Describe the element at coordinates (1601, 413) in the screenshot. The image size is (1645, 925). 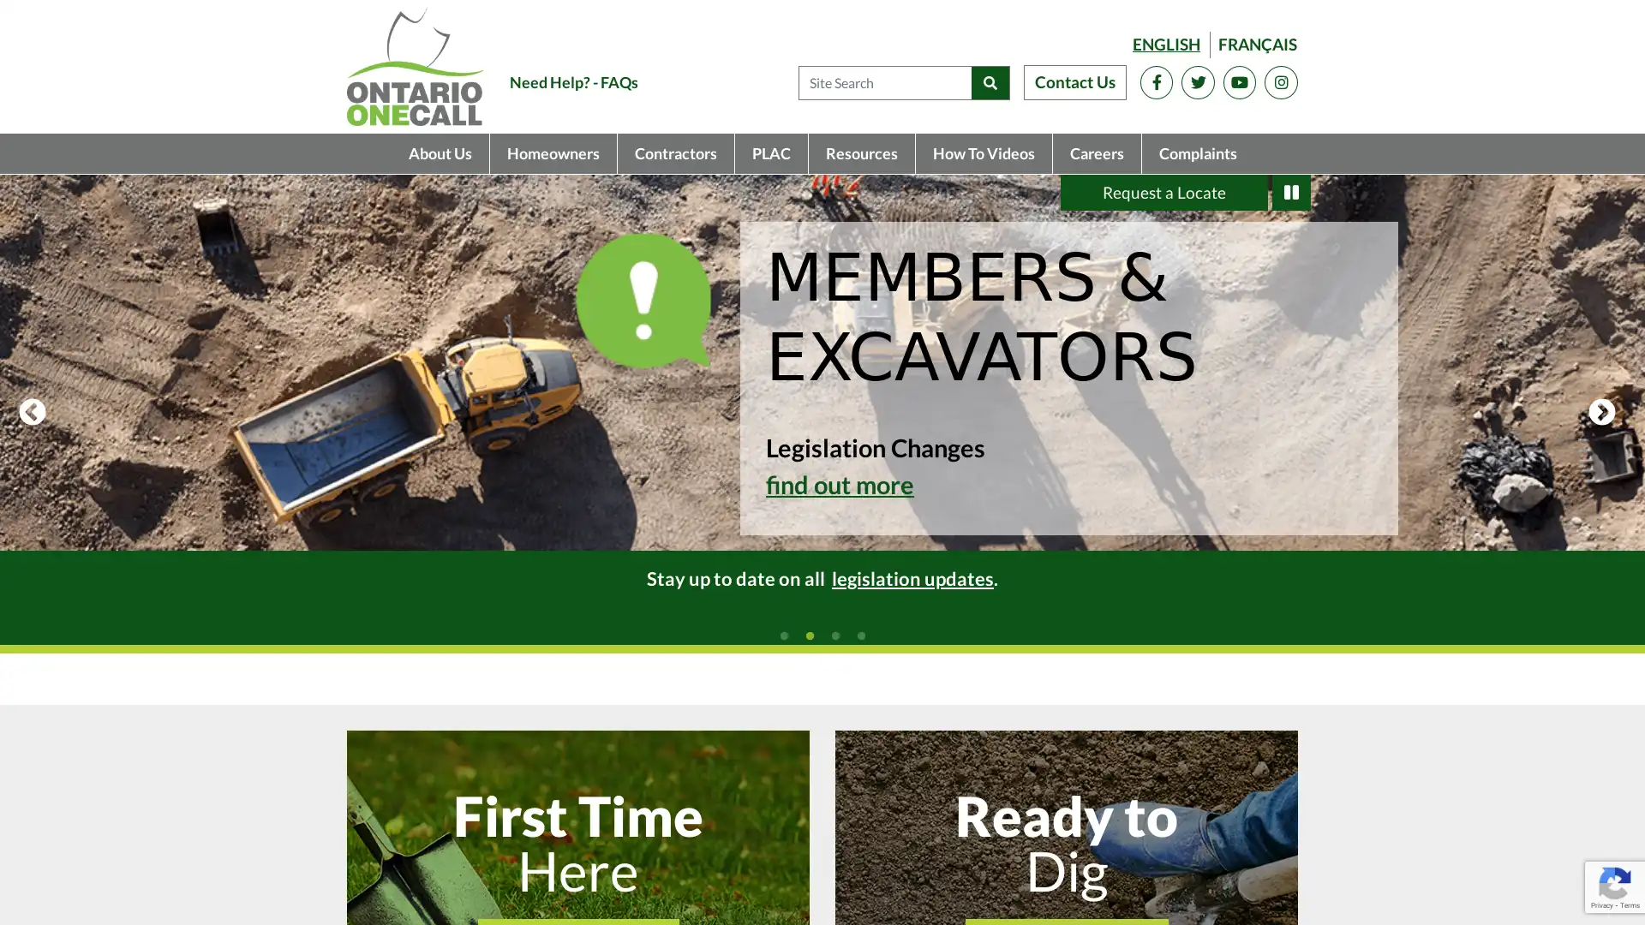
I see `Next` at that location.